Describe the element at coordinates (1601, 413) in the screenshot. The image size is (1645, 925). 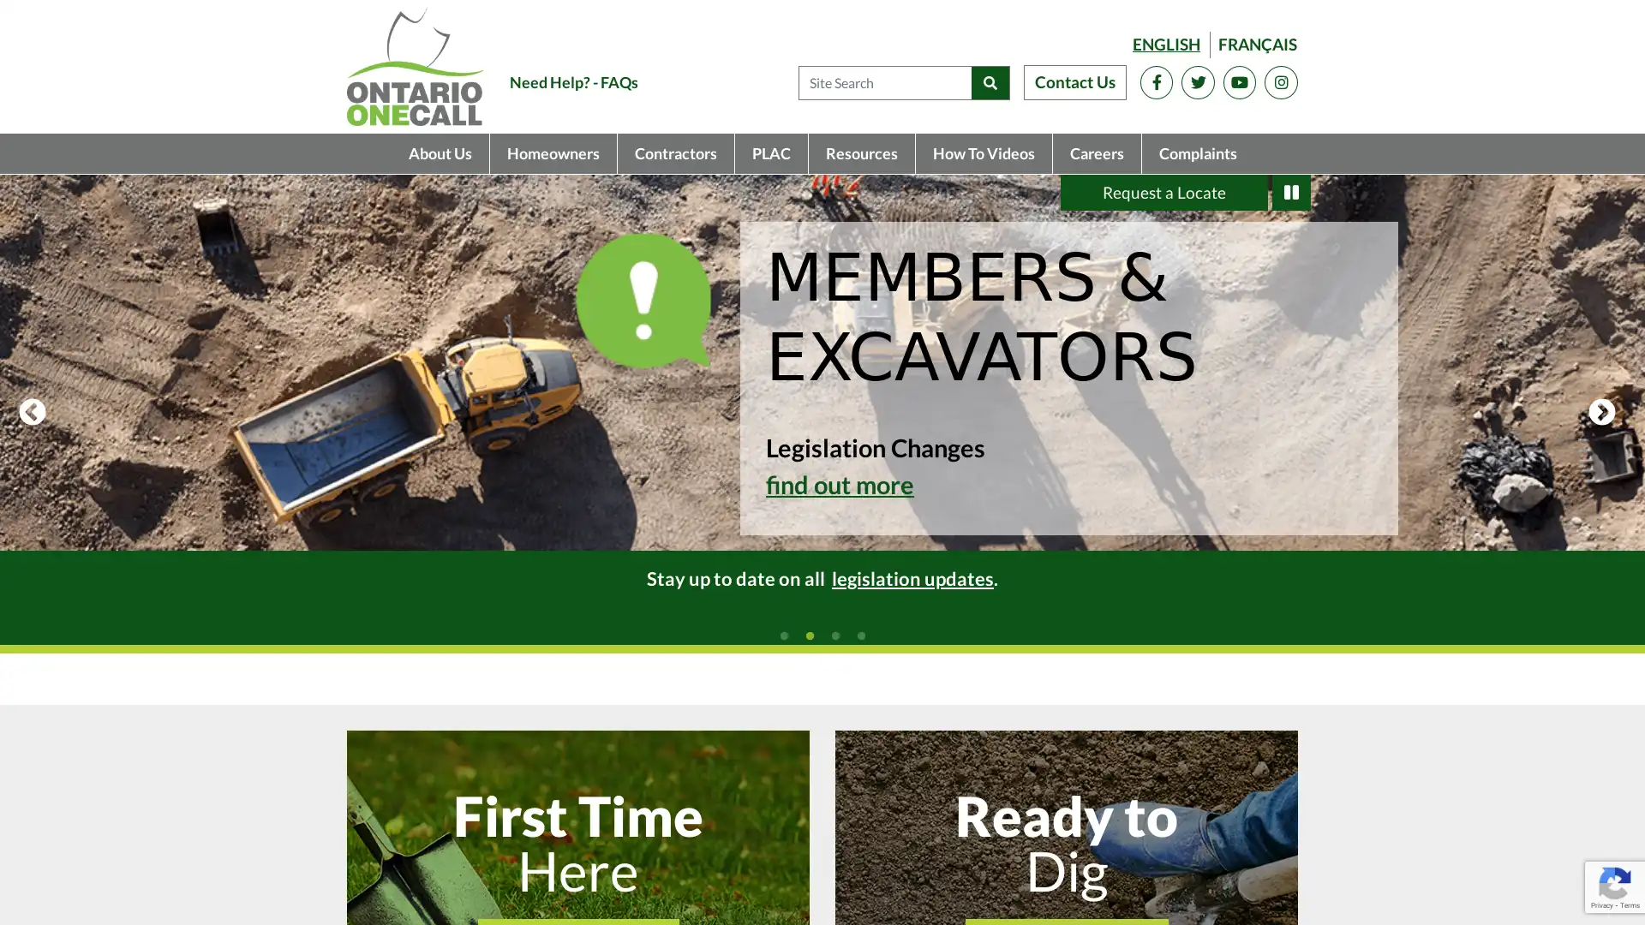
I see `Next` at that location.